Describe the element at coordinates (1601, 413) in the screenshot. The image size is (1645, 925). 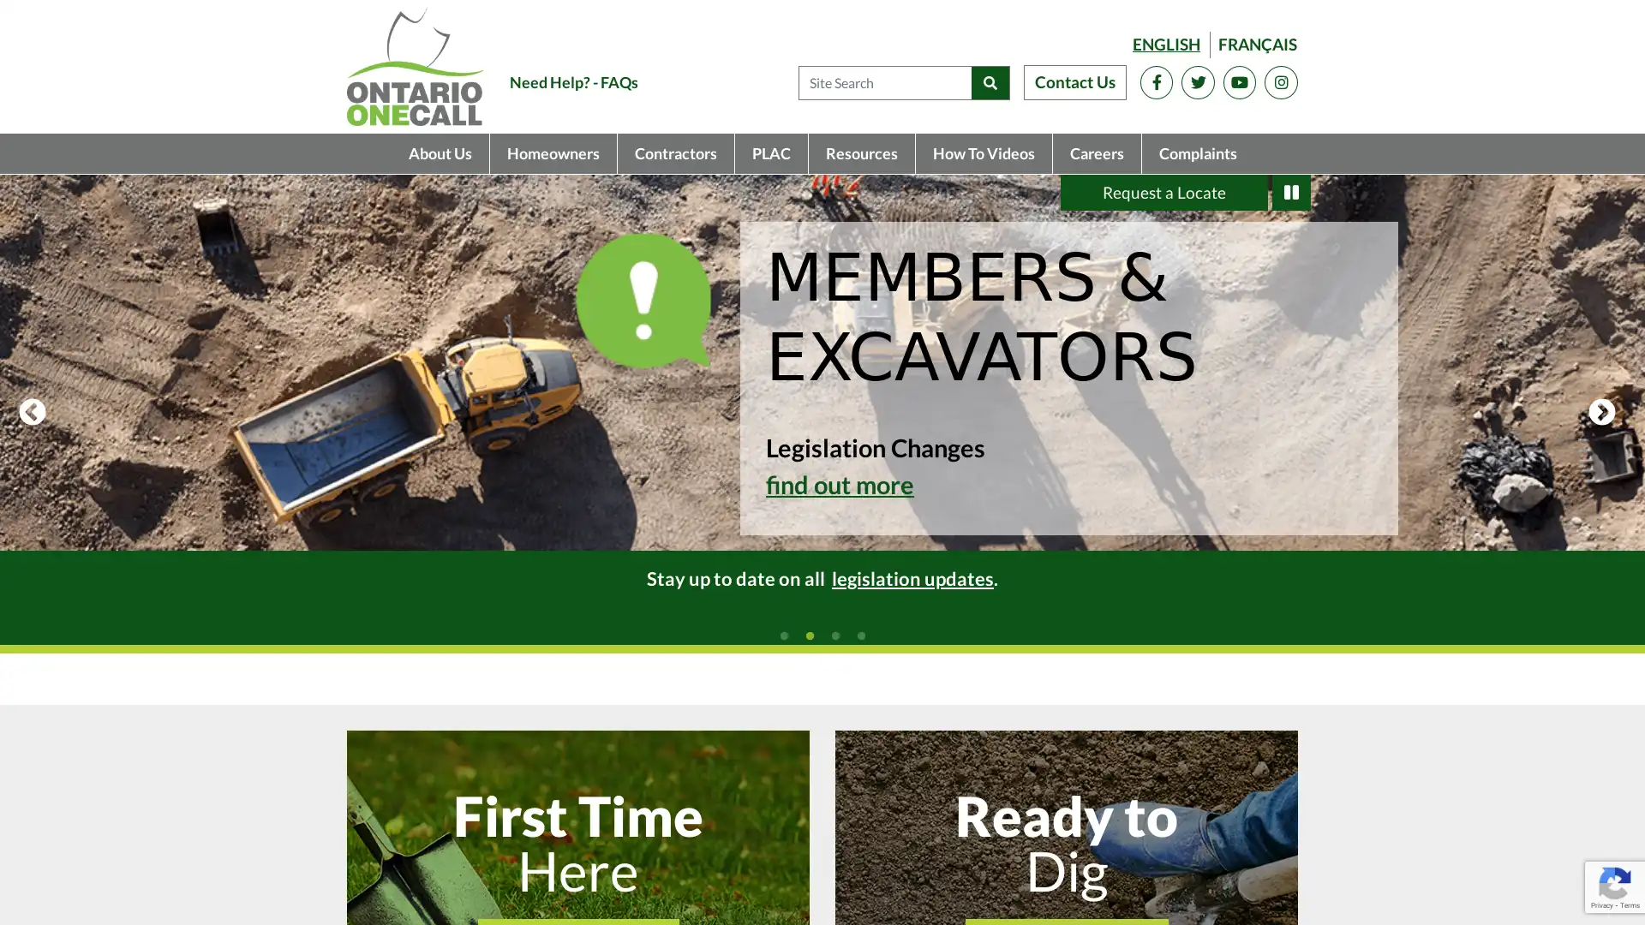
I see `Next` at that location.